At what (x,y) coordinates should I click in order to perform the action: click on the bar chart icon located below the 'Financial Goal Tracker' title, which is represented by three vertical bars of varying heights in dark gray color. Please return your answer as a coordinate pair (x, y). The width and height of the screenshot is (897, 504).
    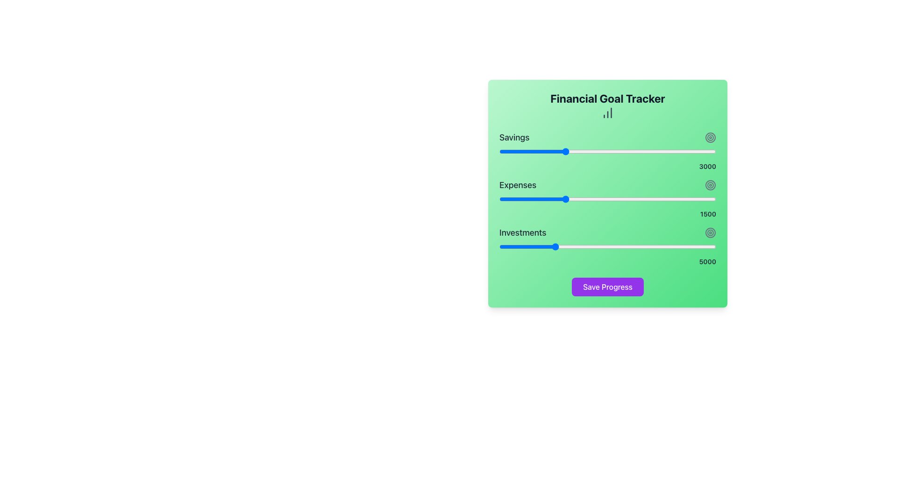
    Looking at the image, I should click on (607, 112).